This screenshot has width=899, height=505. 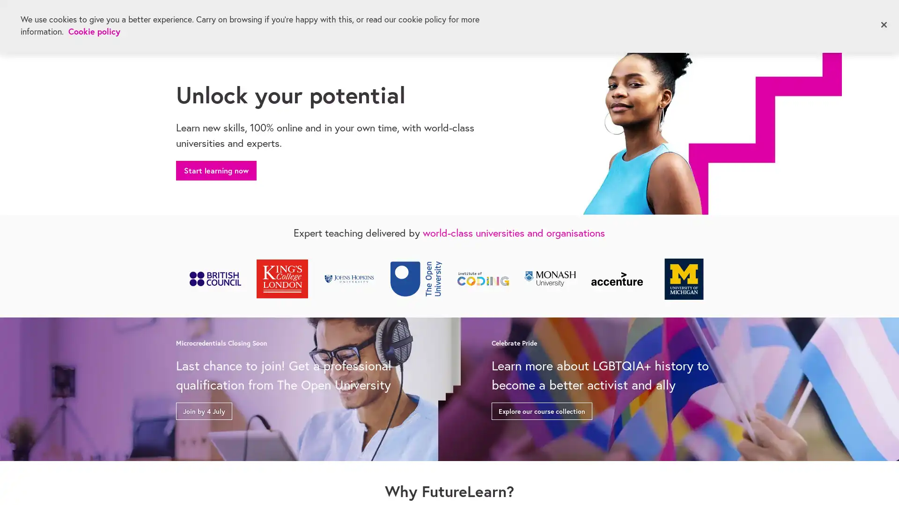 I want to click on Courses, so click(x=273, y=23).